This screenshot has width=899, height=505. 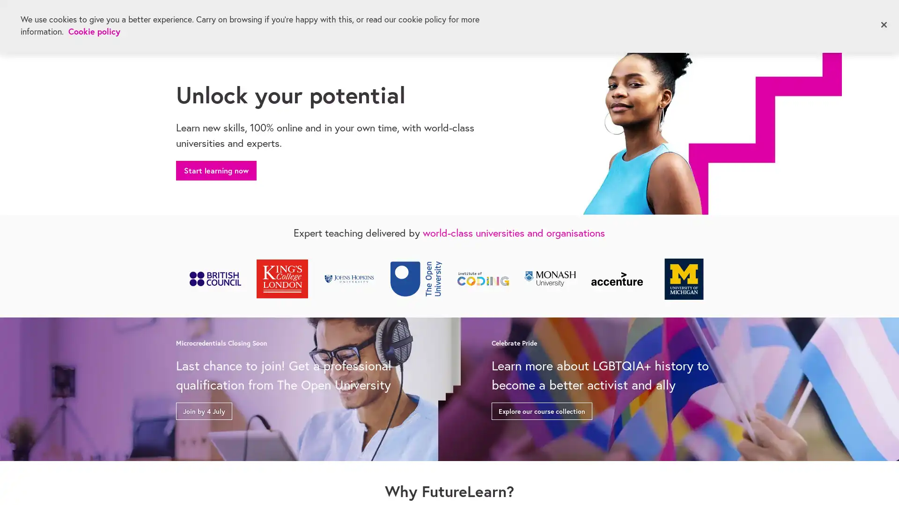 I want to click on Courses, so click(x=273, y=23).